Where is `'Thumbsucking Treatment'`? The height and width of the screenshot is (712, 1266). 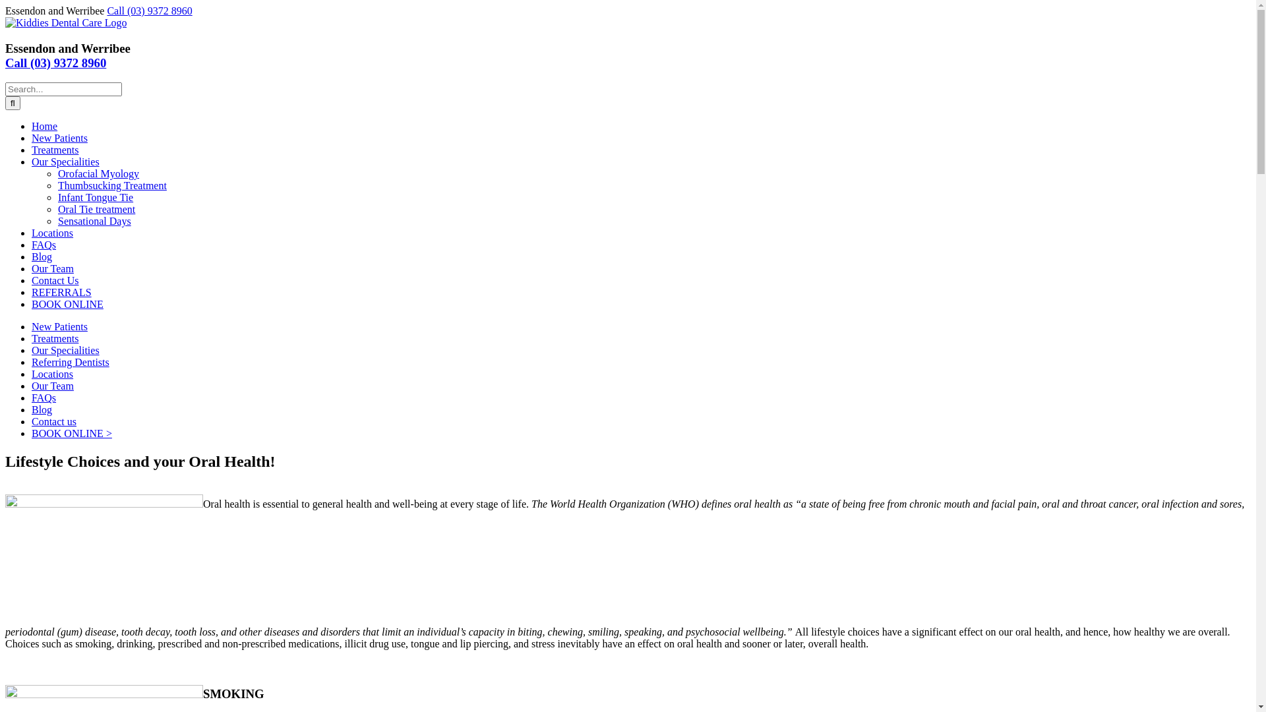
'Thumbsucking Treatment' is located at coordinates (112, 185).